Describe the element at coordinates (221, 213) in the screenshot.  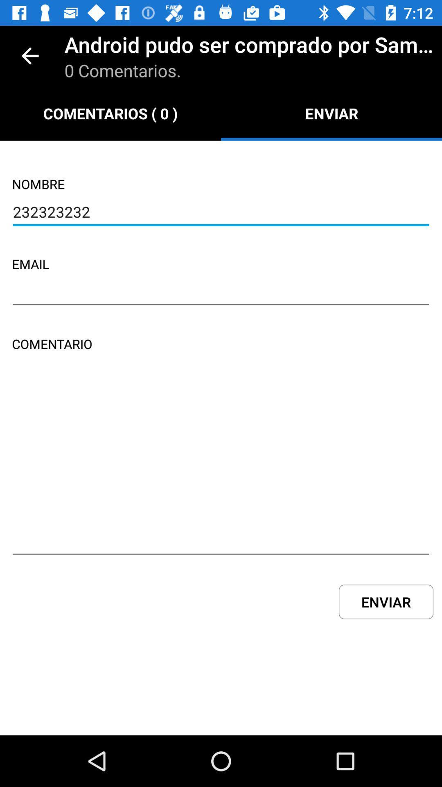
I see `the 232323232` at that location.